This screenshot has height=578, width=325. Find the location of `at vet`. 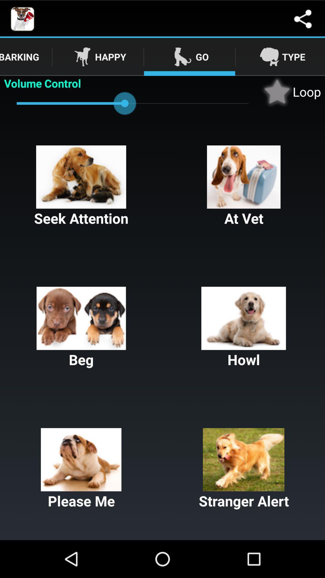

at vet is located at coordinates (244, 186).